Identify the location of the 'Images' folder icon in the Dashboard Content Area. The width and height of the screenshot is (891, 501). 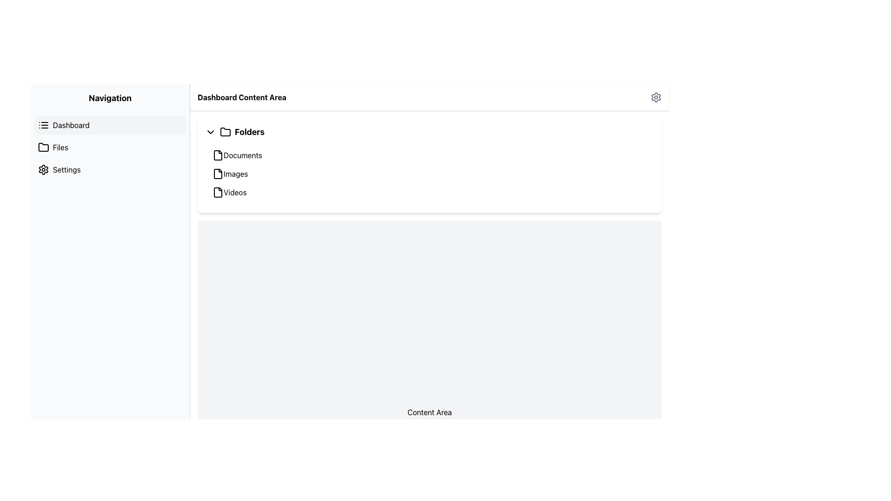
(218, 173).